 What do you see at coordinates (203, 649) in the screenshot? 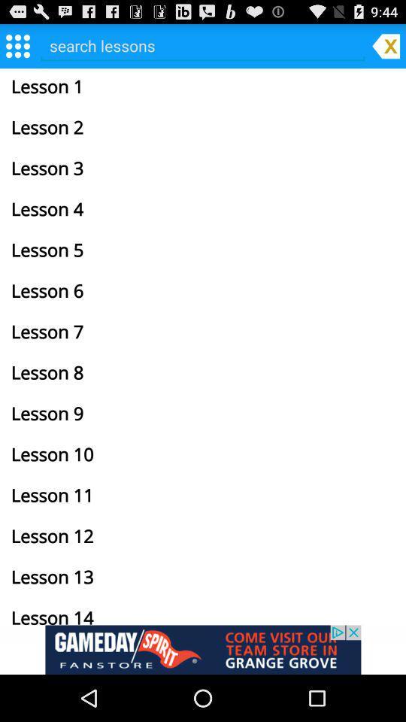
I see `advertisement link` at bounding box center [203, 649].